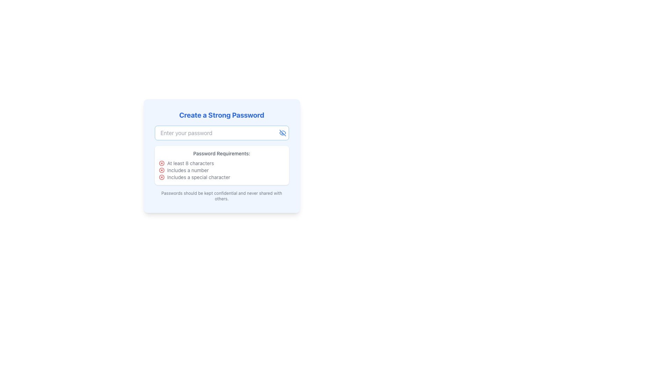 This screenshot has height=377, width=671. What do you see at coordinates (282, 133) in the screenshot?
I see `the visibility toggle button for the password input field` at bounding box center [282, 133].